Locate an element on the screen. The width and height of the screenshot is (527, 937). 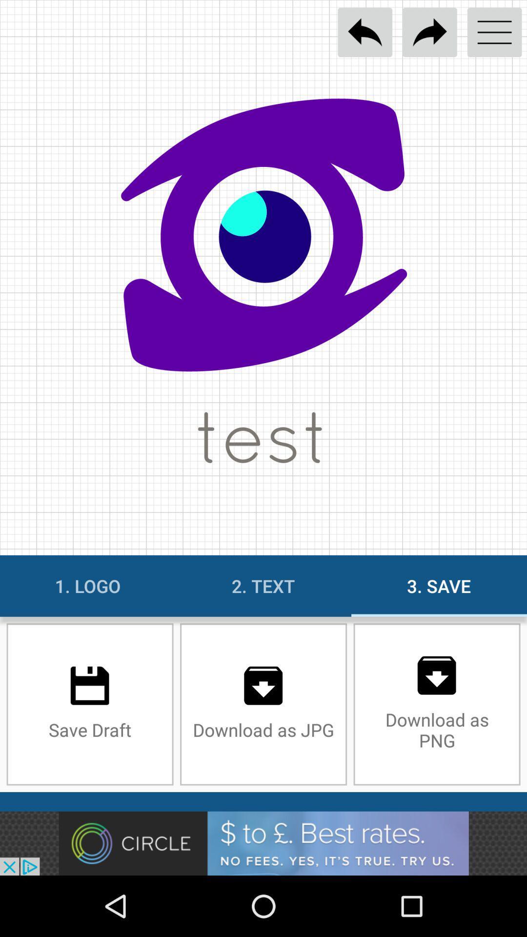
menu is located at coordinates (494, 32).